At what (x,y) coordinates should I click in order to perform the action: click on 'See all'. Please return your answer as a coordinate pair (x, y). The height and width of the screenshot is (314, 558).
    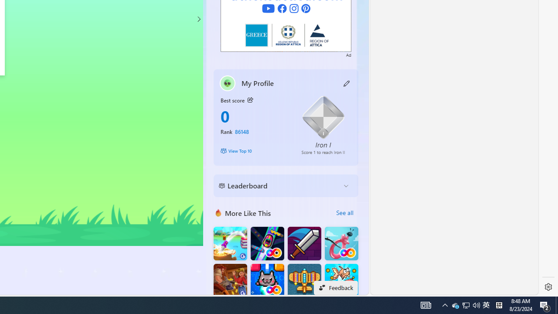
    Looking at the image, I should click on (344, 213).